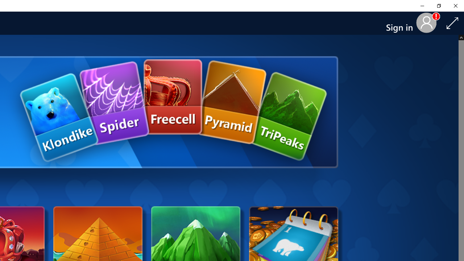 The image size is (464, 261). What do you see at coordinates (452, 22) in the screenshot?
I see `'Full Screen View'` at bounding box center [452, 22].